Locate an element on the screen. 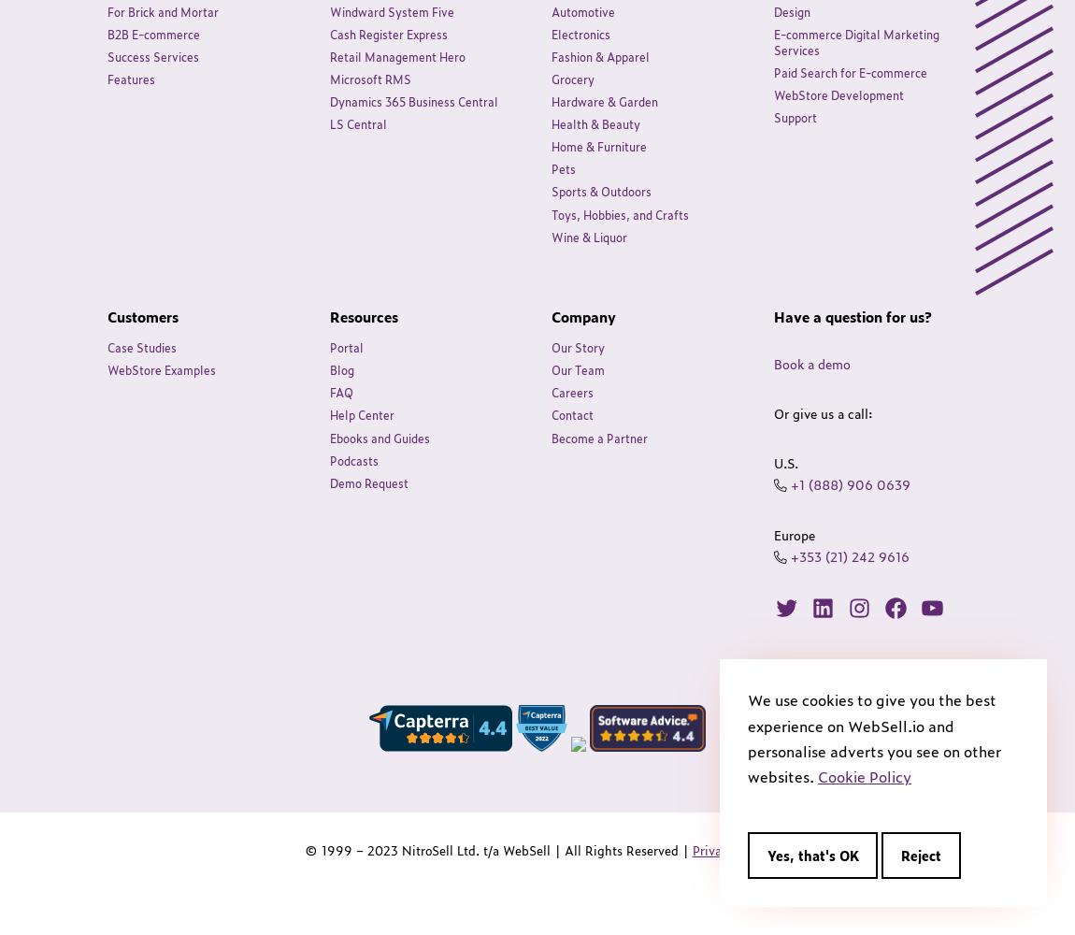  'Electronics' is located at coordinates (580, 33).